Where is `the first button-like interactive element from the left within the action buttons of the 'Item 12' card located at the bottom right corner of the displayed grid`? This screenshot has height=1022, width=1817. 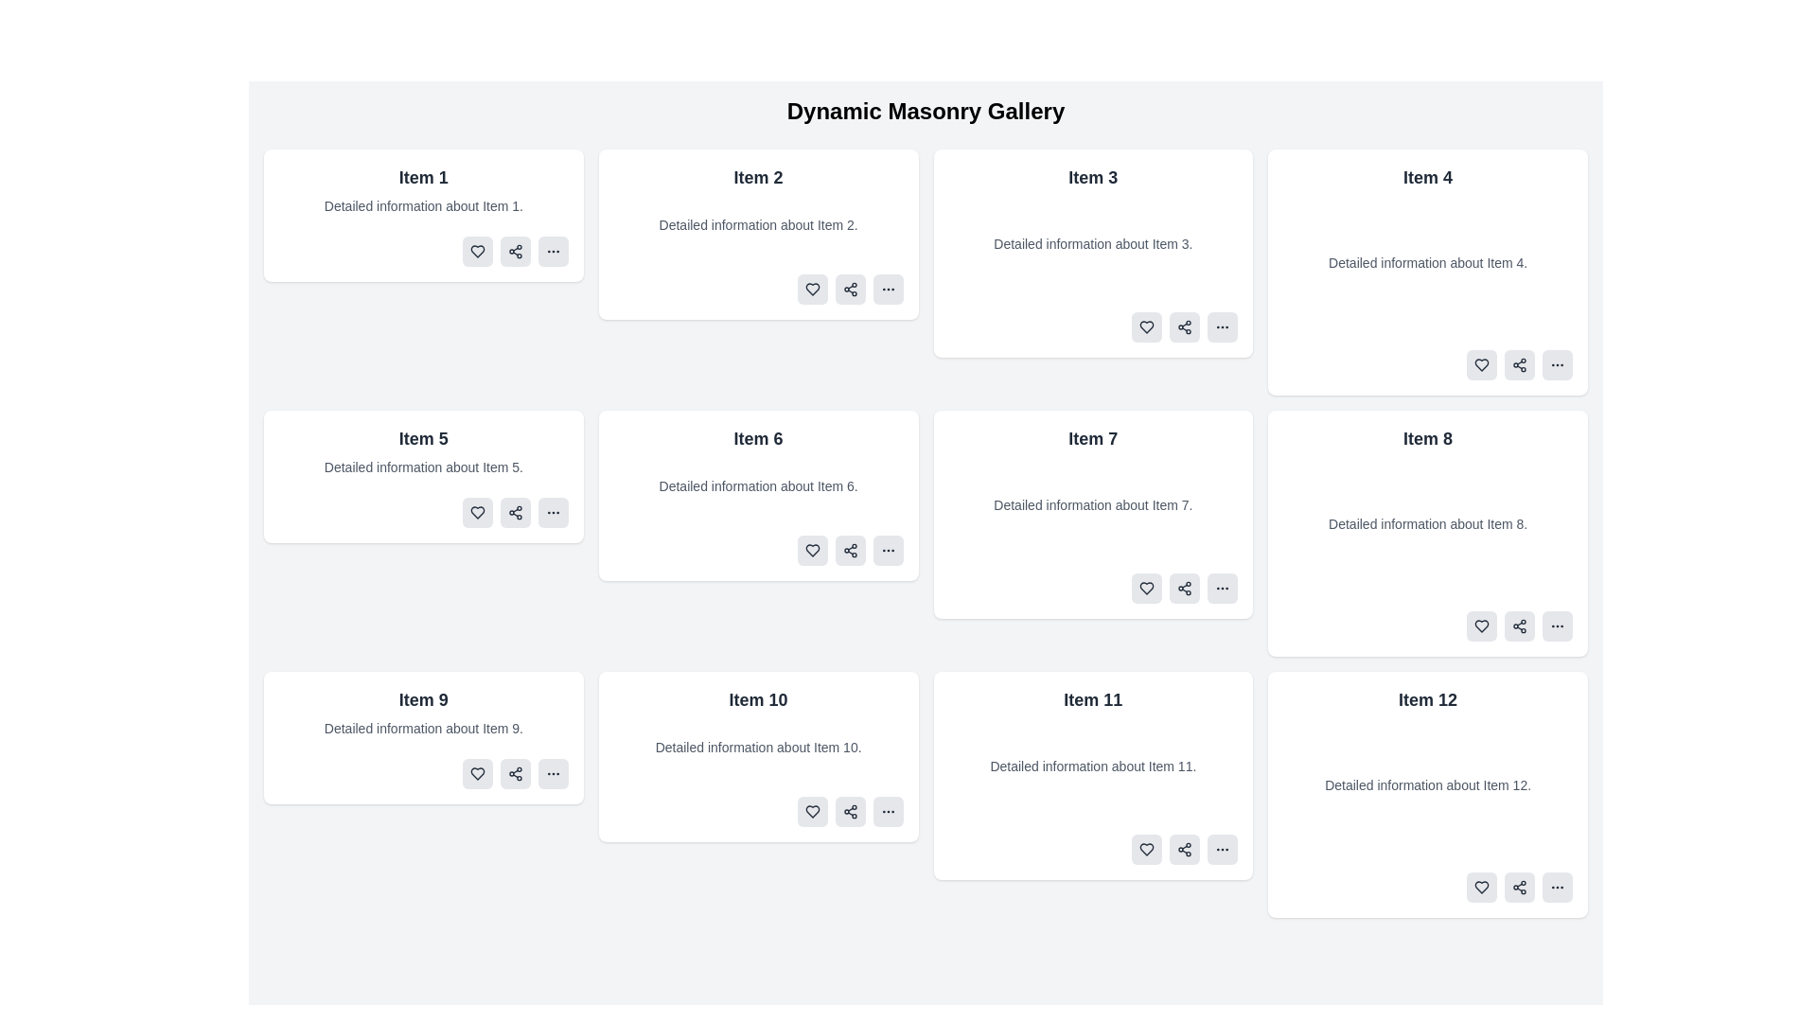 the first button-like interactive element from the left within the action buttons of the 'Item 12' card located at the bottom right corner of the displayed grid is located at coordinates (1480, 887).